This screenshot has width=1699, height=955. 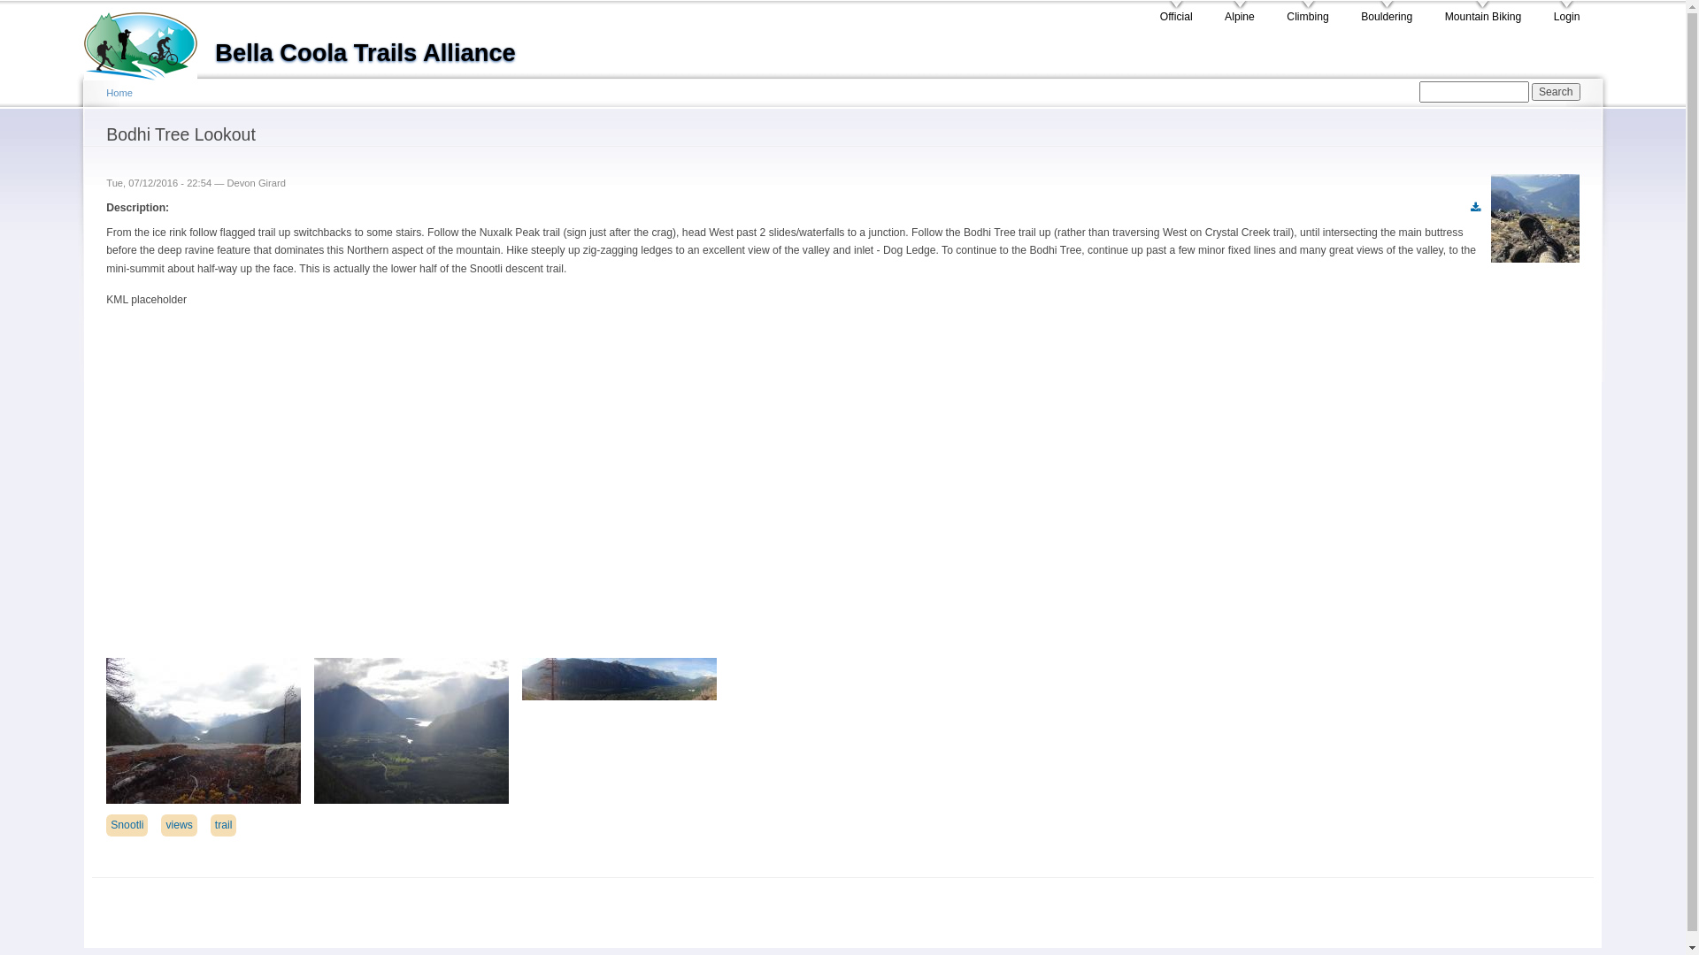 What do you see at coordinates (149, 40) in the screenshot?
I see `'Bella Coola Trails Alliance '` at bounding box center [149, 40].